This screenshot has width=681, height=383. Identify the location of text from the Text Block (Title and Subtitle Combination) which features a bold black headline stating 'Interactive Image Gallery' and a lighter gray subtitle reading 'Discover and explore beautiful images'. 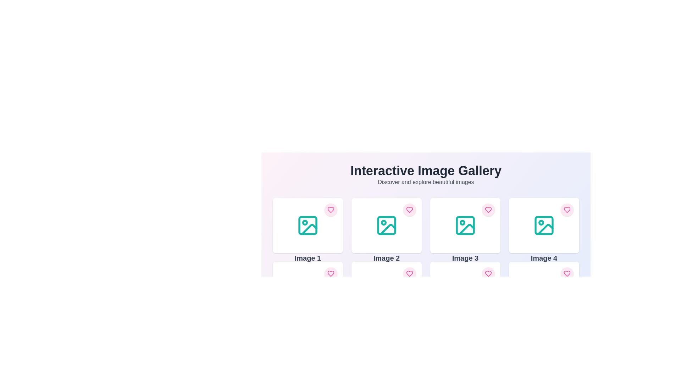
(426, 175).